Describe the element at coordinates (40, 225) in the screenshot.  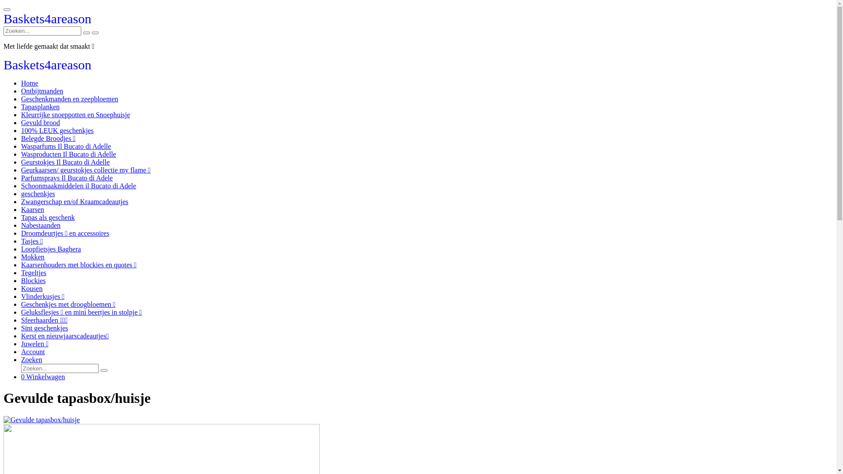
I see `'Nabestaanden'` at that location.